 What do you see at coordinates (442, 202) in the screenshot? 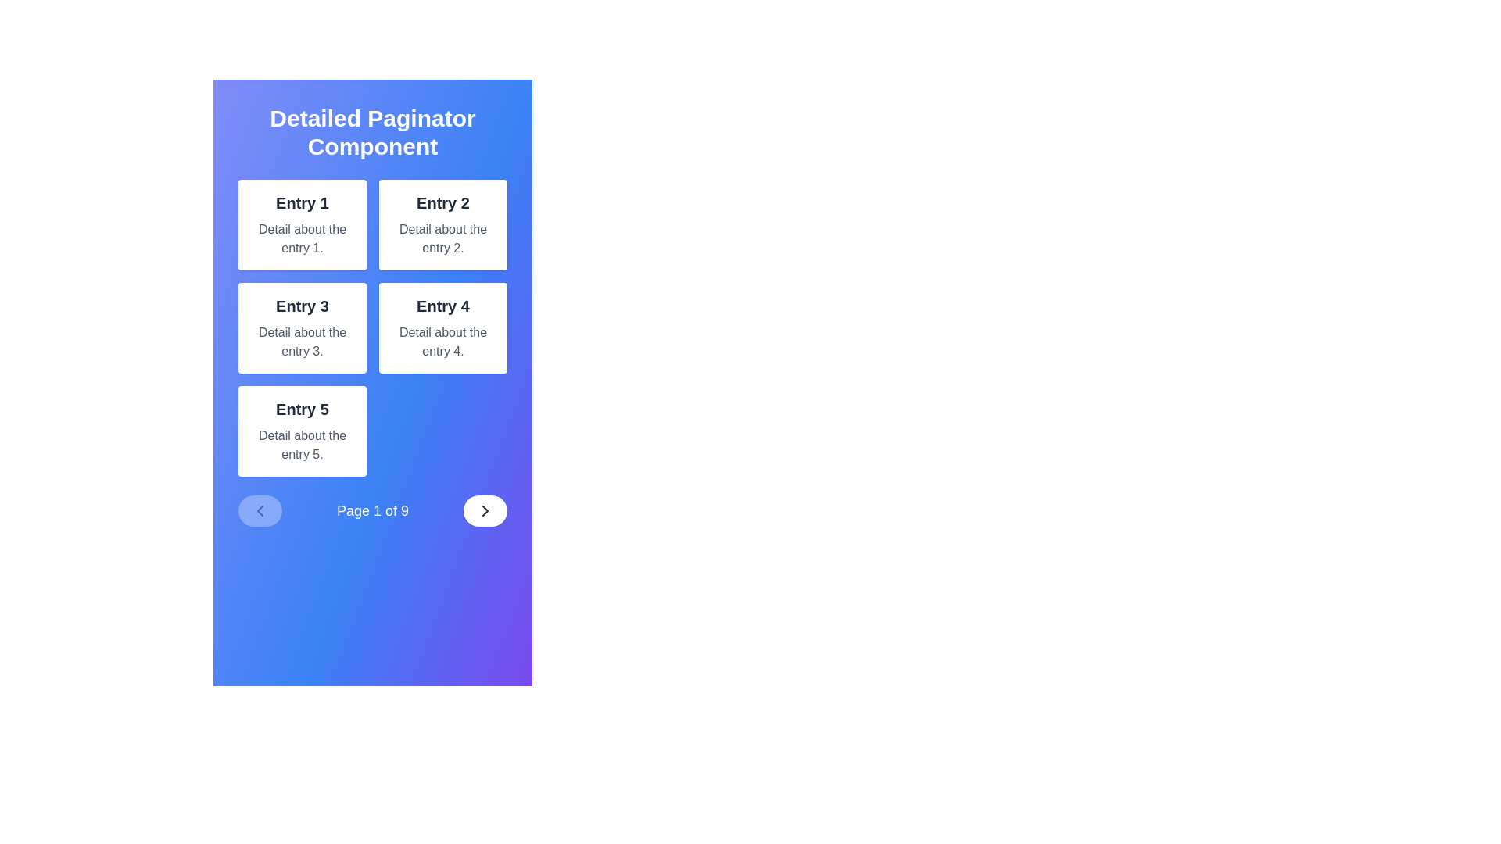
I see `the text label 'Entry 2'` at bounding box center [442, 202].